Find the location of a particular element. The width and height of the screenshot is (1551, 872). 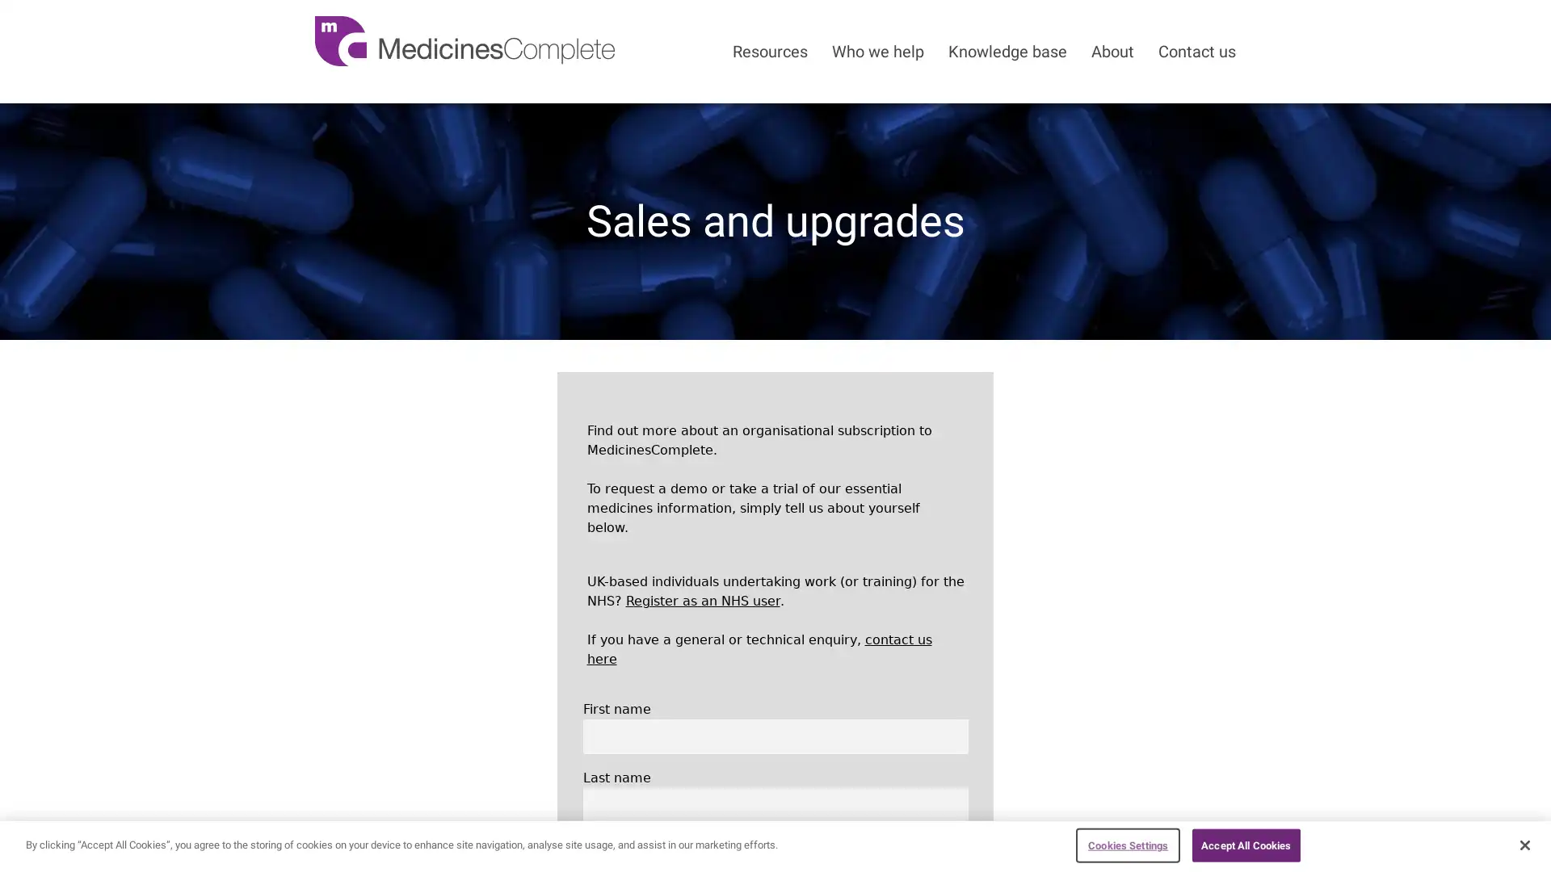

Cookies Settings is located at coordinates (1127, 844).